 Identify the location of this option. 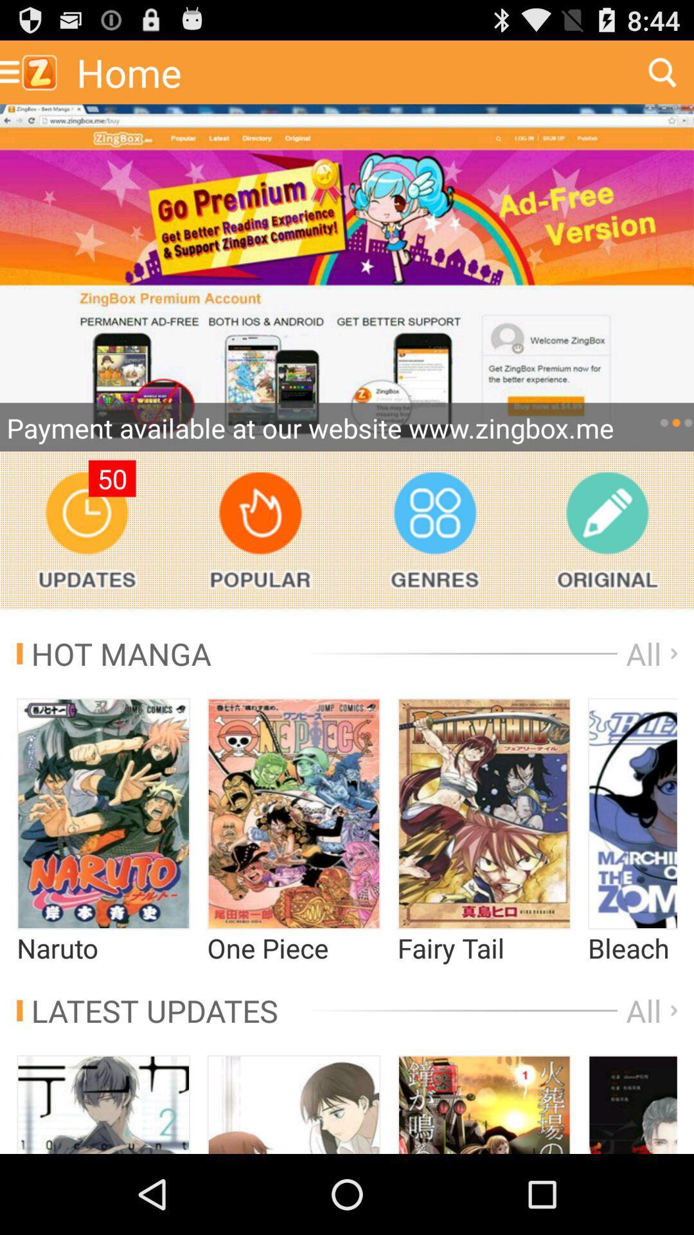
(632, 813).